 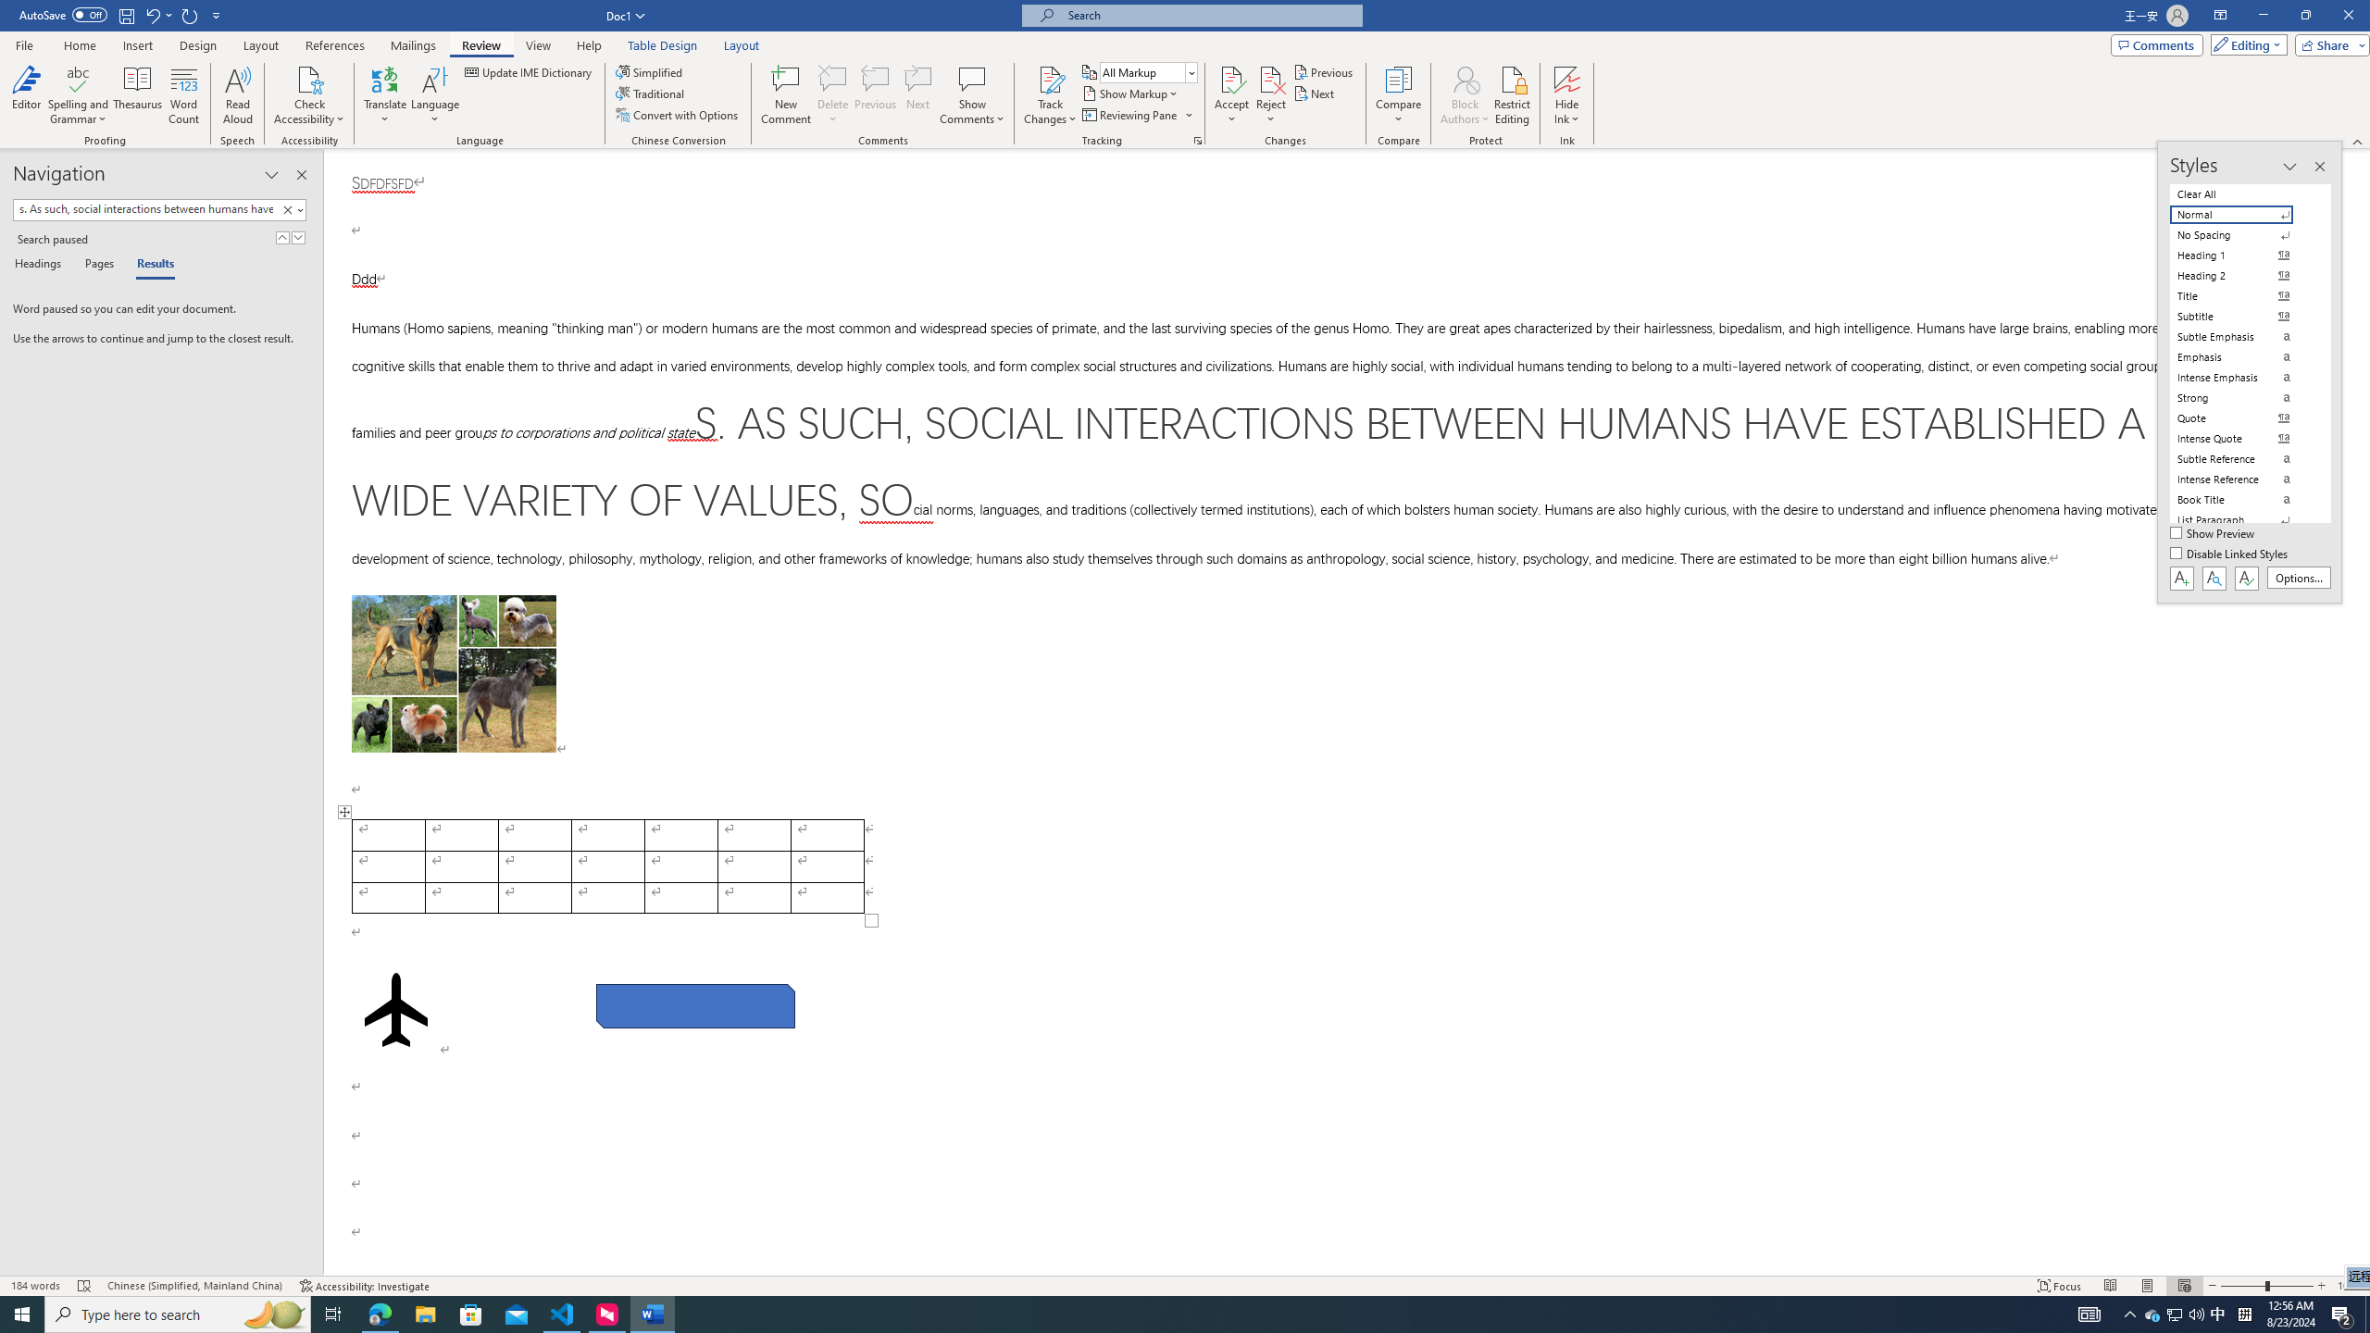 What do you see at coordinates (290, 208) in the screenshot?
I see `'Clear'` at bounding box center [290, 208].